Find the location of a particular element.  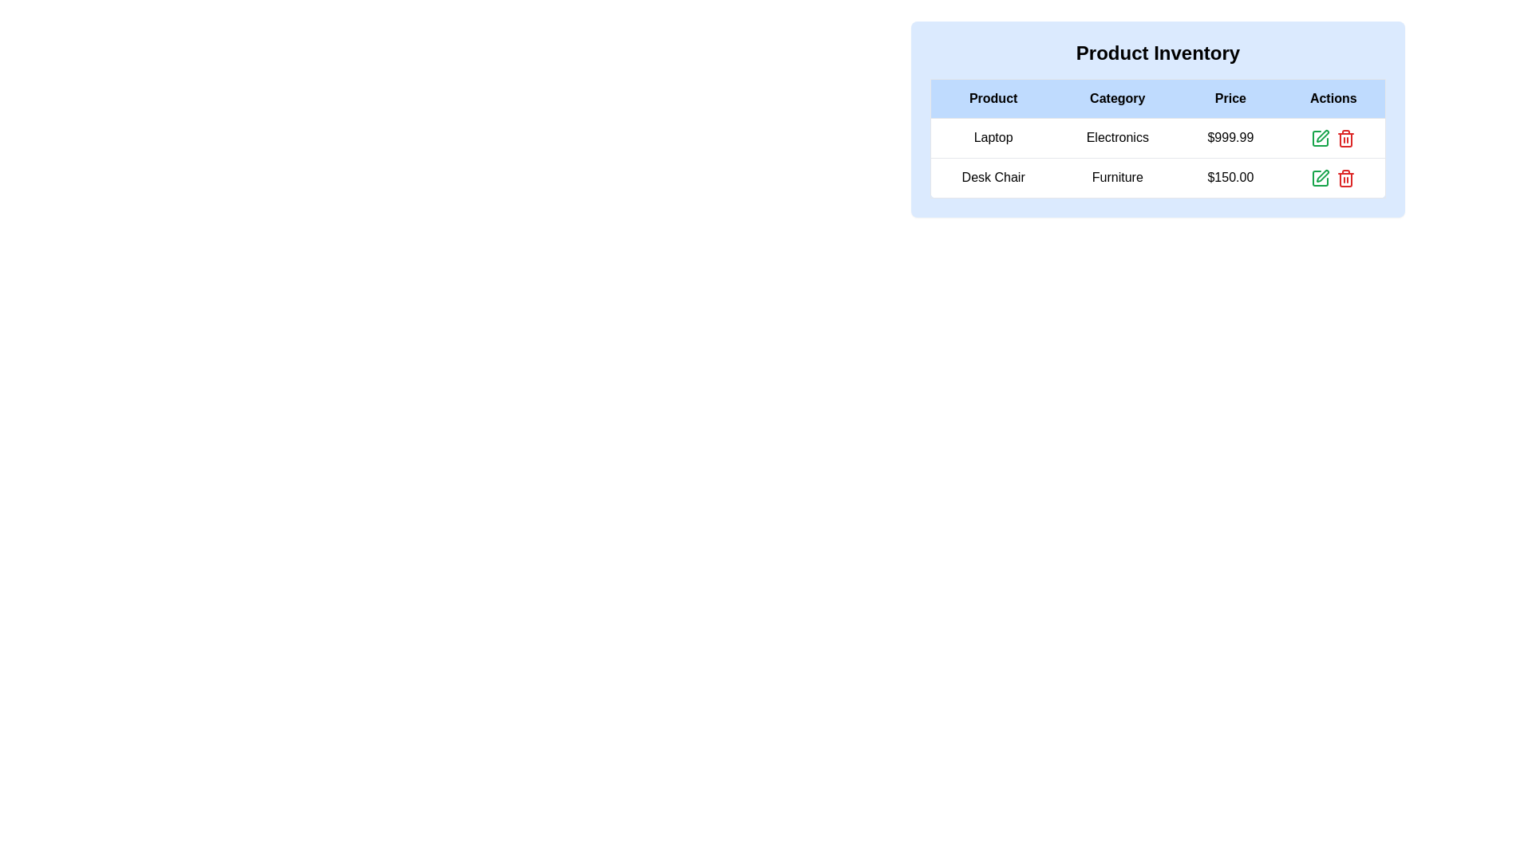

the delete button located in the 'Actions' column of the second row in the product inventory table to initiate the delete action is located at coordinates (1345, 178).